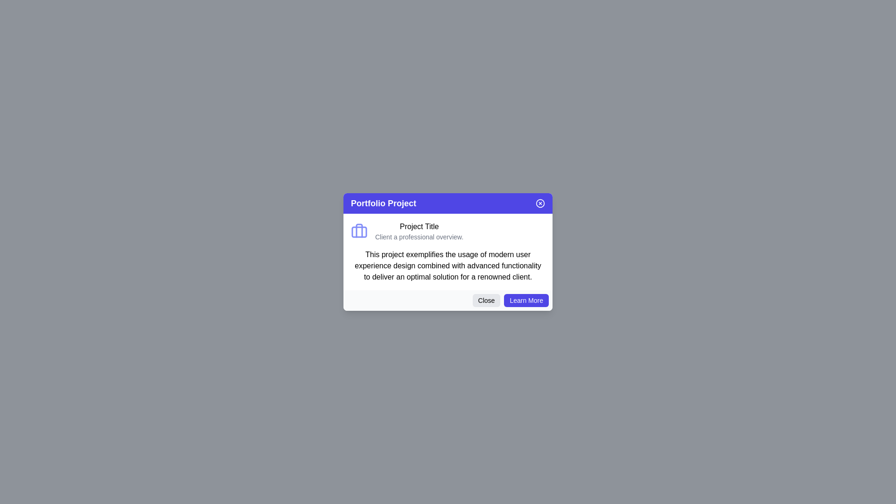  I want to click on the rectangular shape with rounded corners located inside the indigo briefcase icon at the specified coordinates, so click(358, 231).